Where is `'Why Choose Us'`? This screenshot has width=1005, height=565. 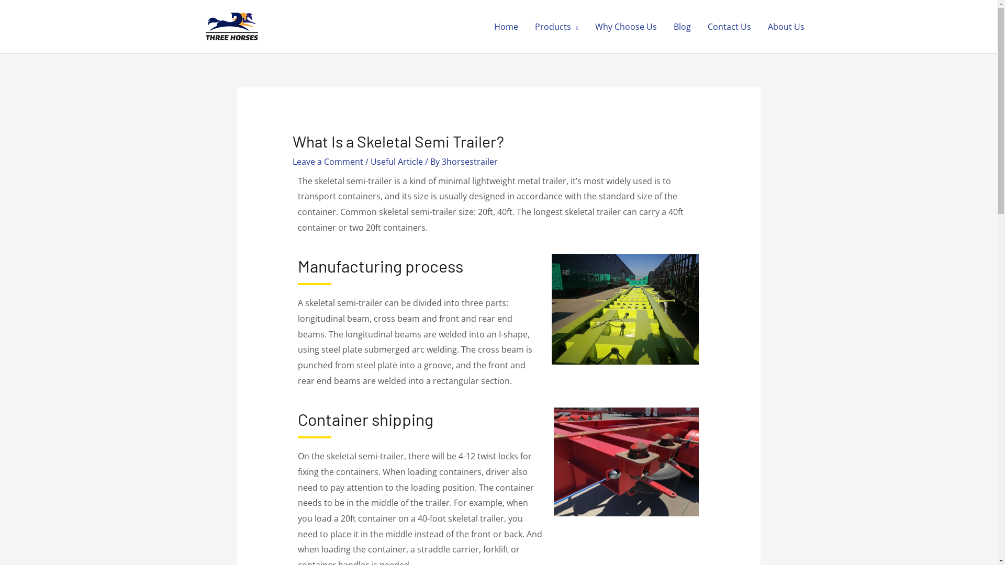
'Why Choose Us' is located at coordinates (585, 26).